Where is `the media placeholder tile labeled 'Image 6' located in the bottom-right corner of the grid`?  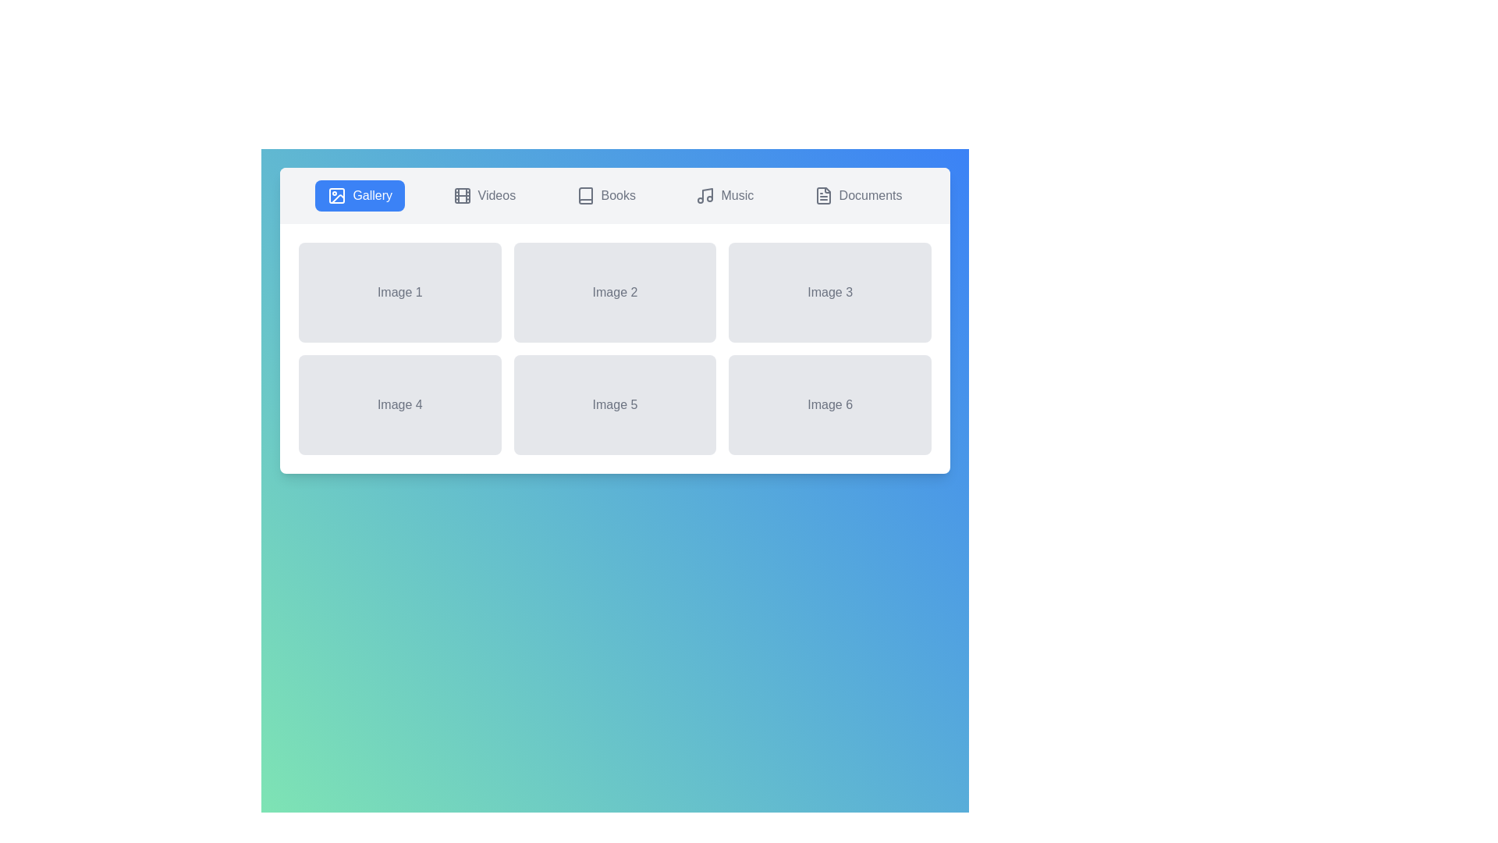 the media placeholder tile labeled 'Image 6' located in the bottom-right corner of the grid is located at coordinates (829, 404).